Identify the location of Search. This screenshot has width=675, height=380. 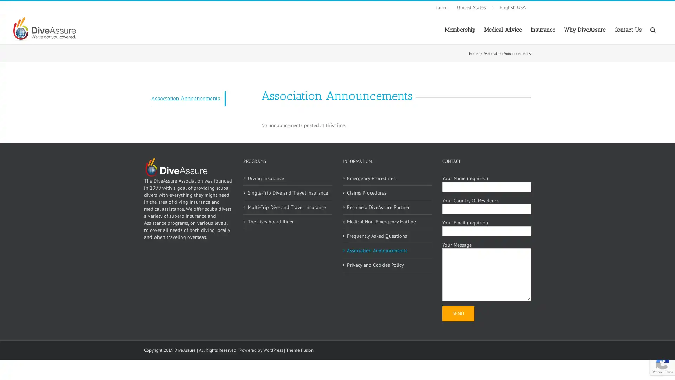
(652, 29).